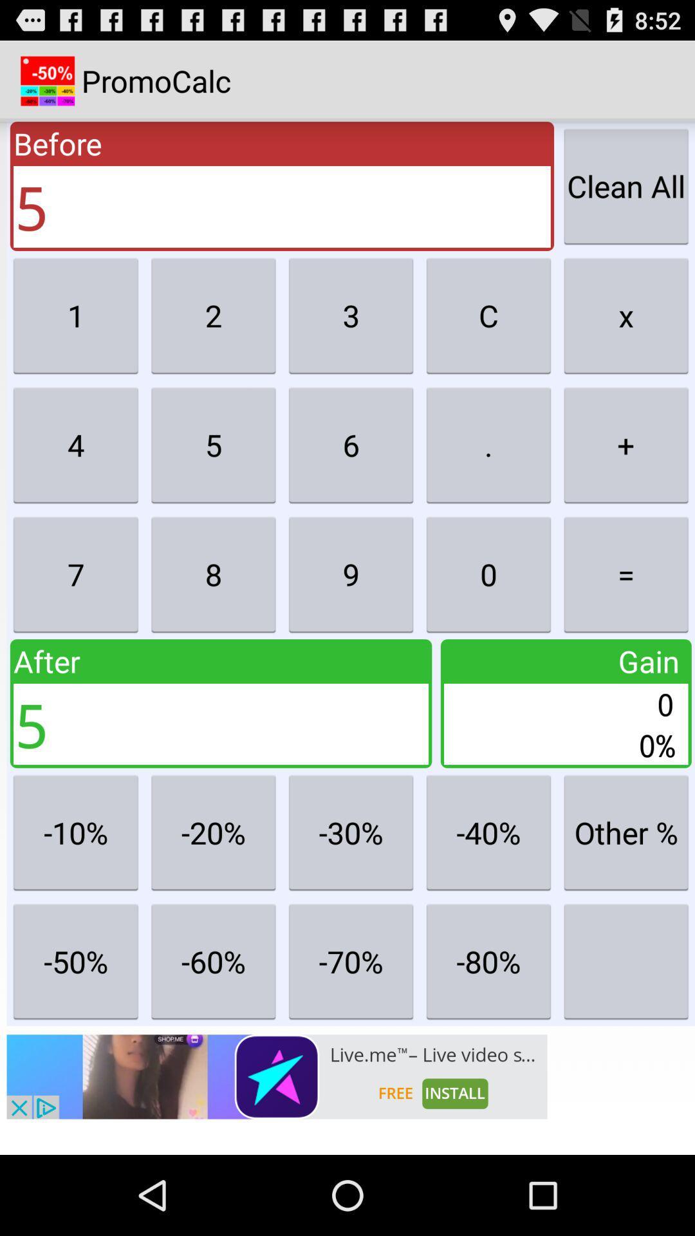 The image size is (695, 1236). What do you see at coordinates (276, 1076) in the screenshot?
I see `advertisement for living near person` at bounding box center [276, 1076].